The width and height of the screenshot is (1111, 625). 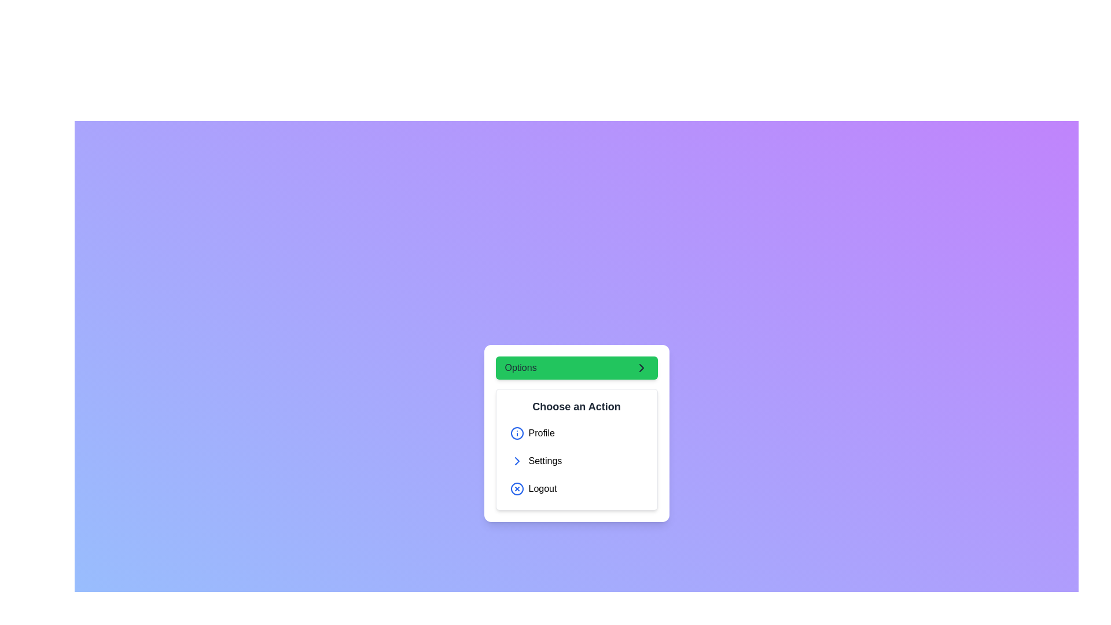 I want to click on the 'Profile' menu option in the 'Choose an Action' list, so click(x=576, y=433).